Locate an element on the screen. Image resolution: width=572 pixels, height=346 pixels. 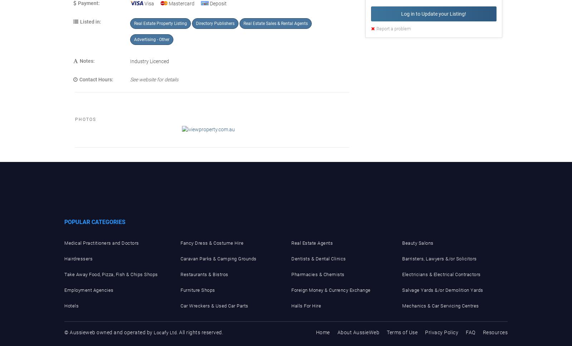
'Beauty Salons' is located at coordinates (418, 243).